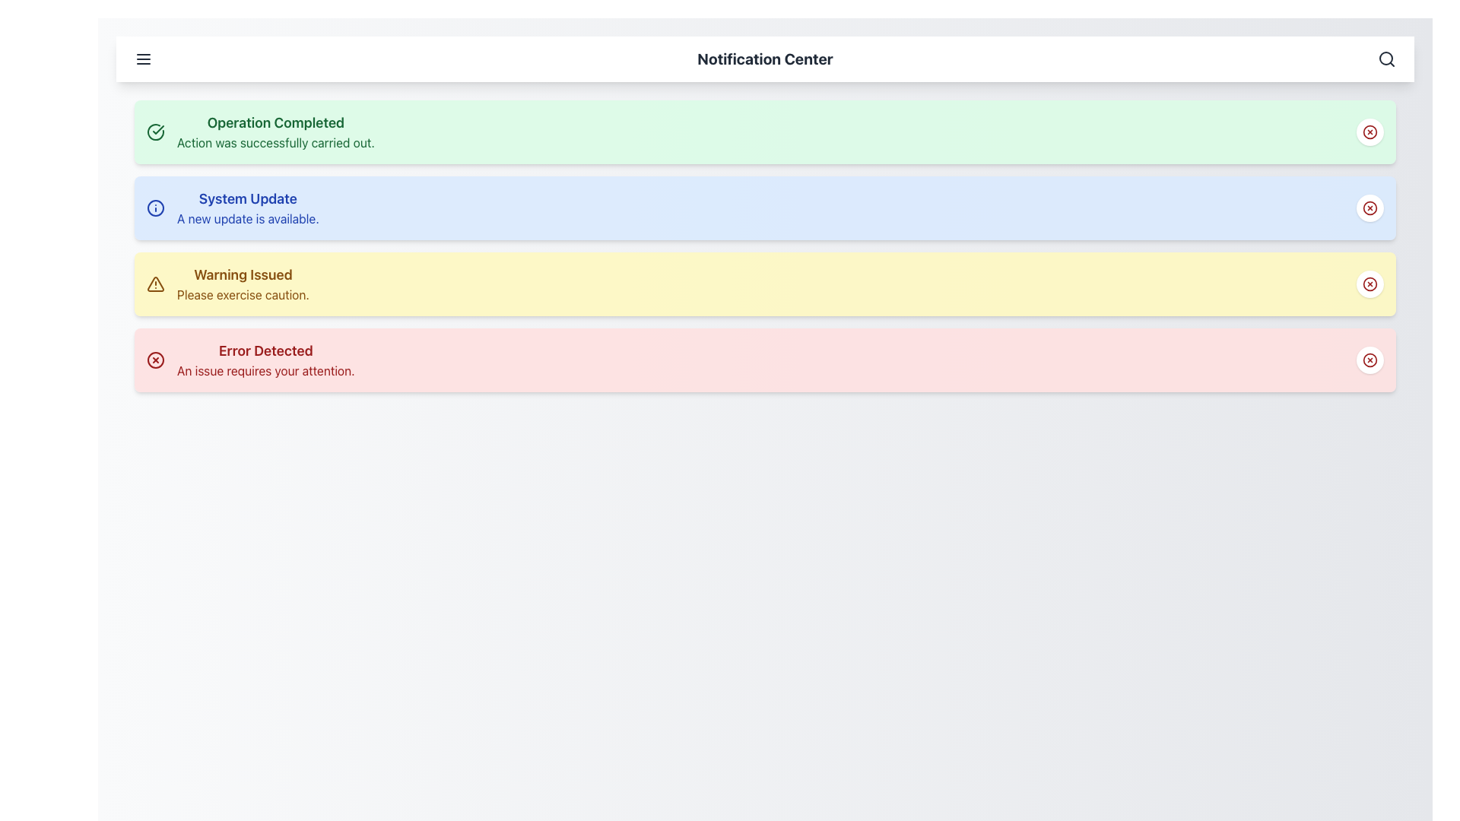  I want to click on Text Label that provides additional context about the 'Error Detected' notification located in the notification bar with a red background, so click(265, 371).